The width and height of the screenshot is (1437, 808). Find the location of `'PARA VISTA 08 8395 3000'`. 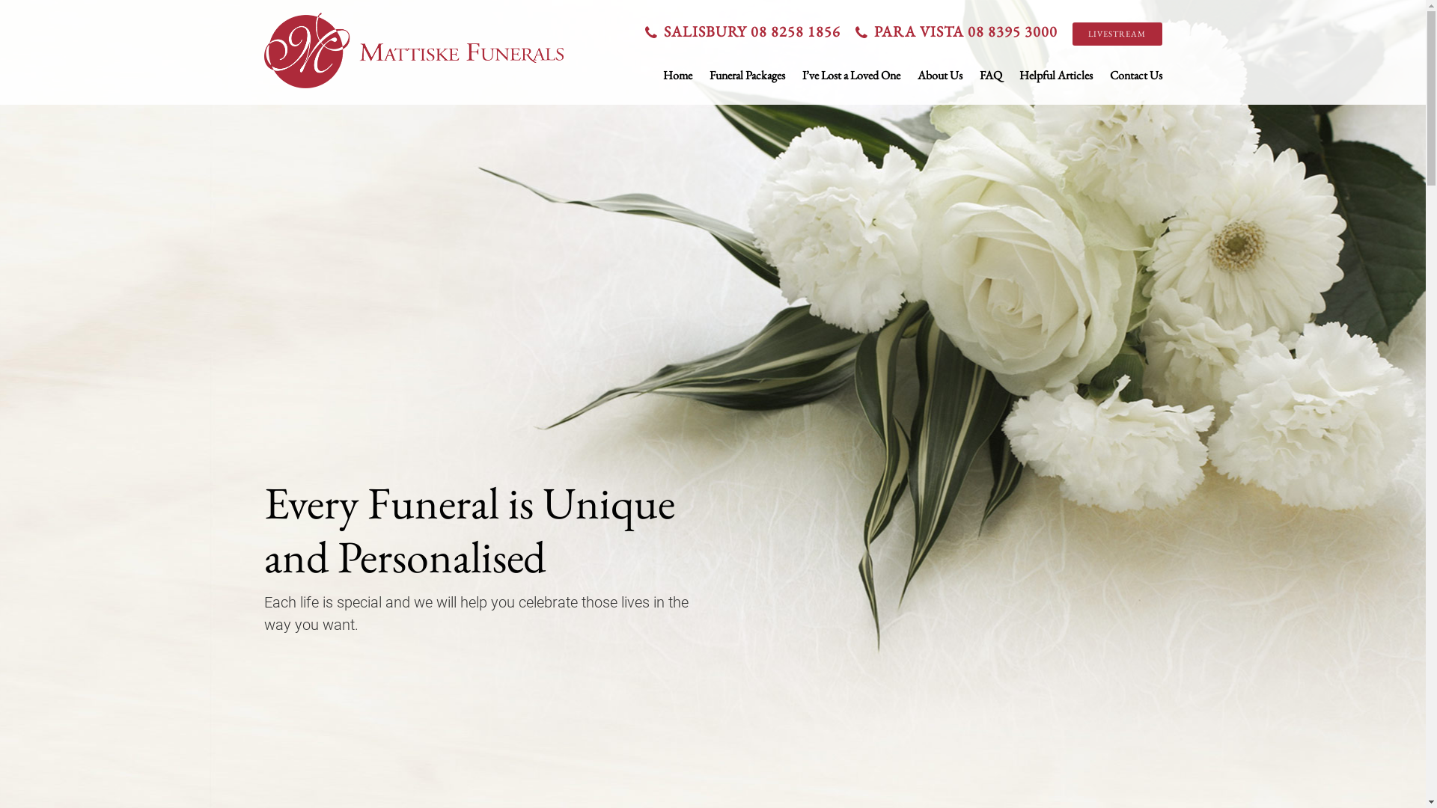

'PARA VISTA 08 8395 3000' is located at coordinates (959, 31).